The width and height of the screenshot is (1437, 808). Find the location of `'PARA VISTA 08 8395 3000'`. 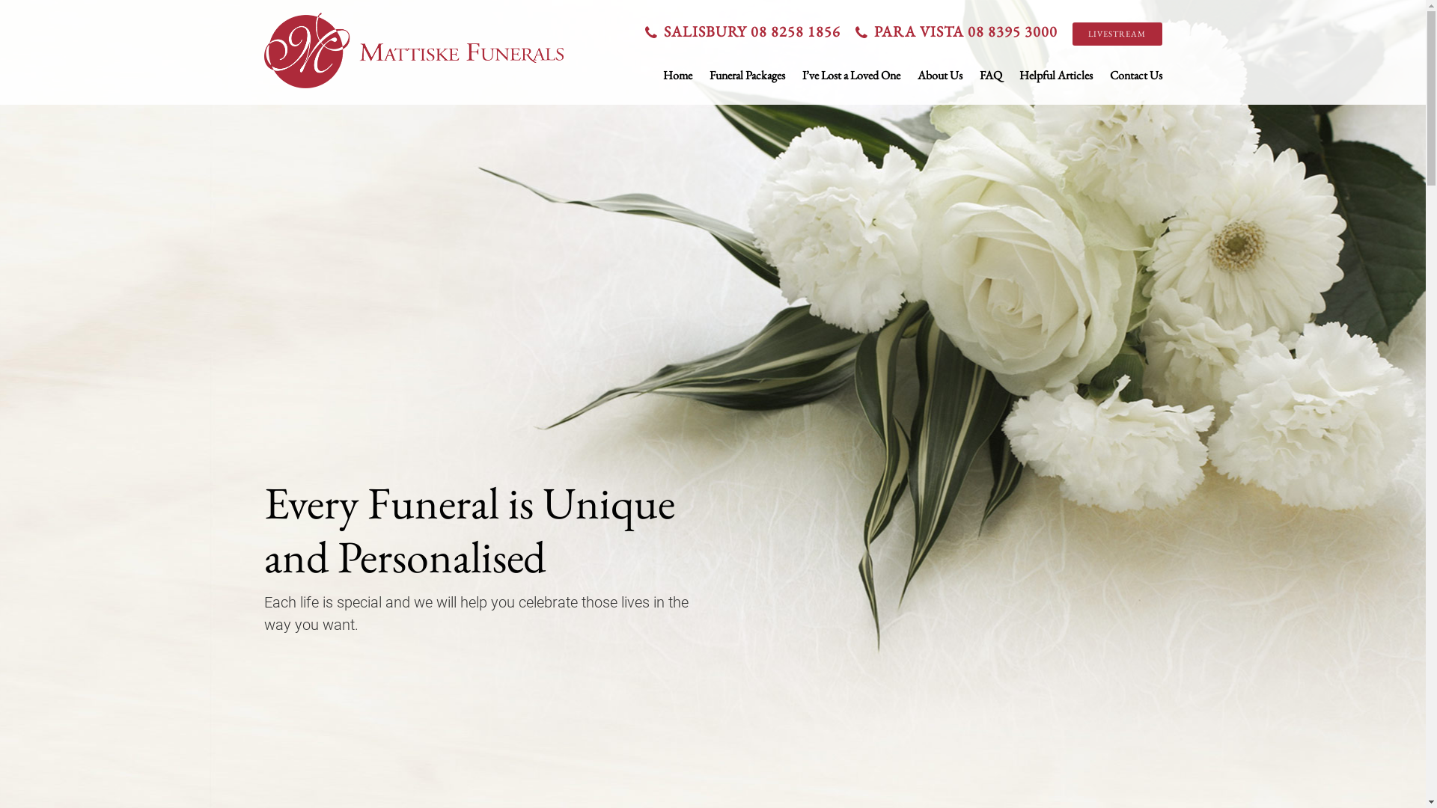

'PARA VISTA 08 8395 3000' is located at coordinates (959, 31).